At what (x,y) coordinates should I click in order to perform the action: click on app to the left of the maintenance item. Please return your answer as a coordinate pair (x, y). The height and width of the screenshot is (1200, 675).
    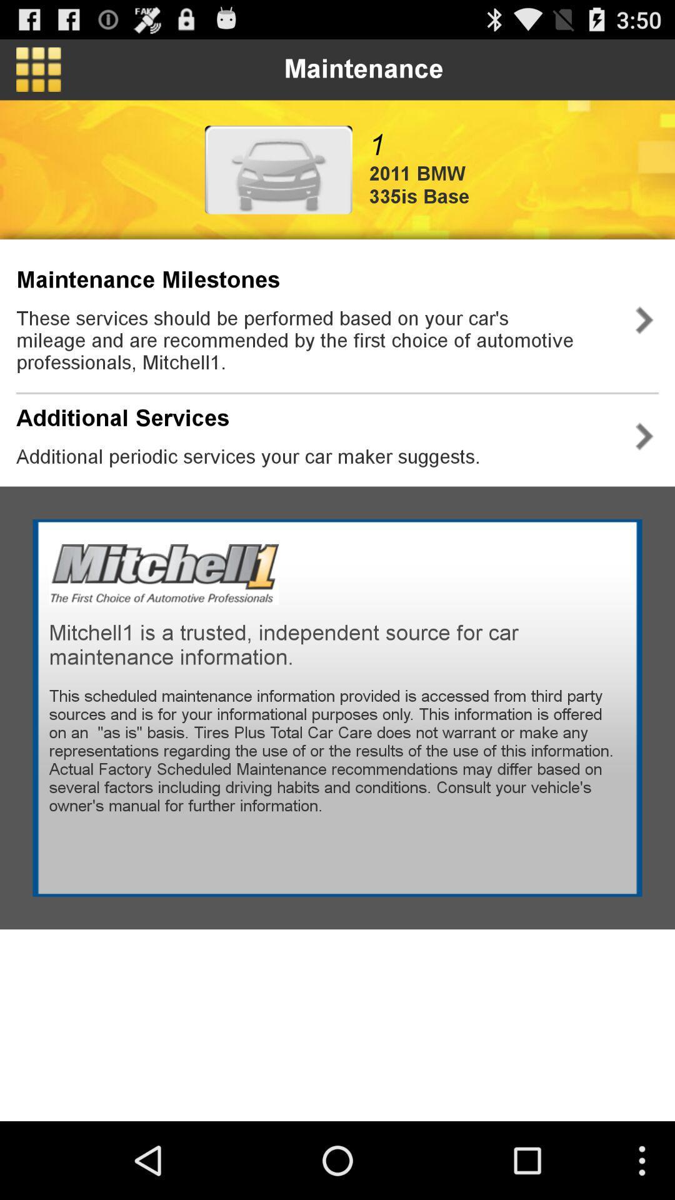
    Looking at the image, I should click on (37, 69).